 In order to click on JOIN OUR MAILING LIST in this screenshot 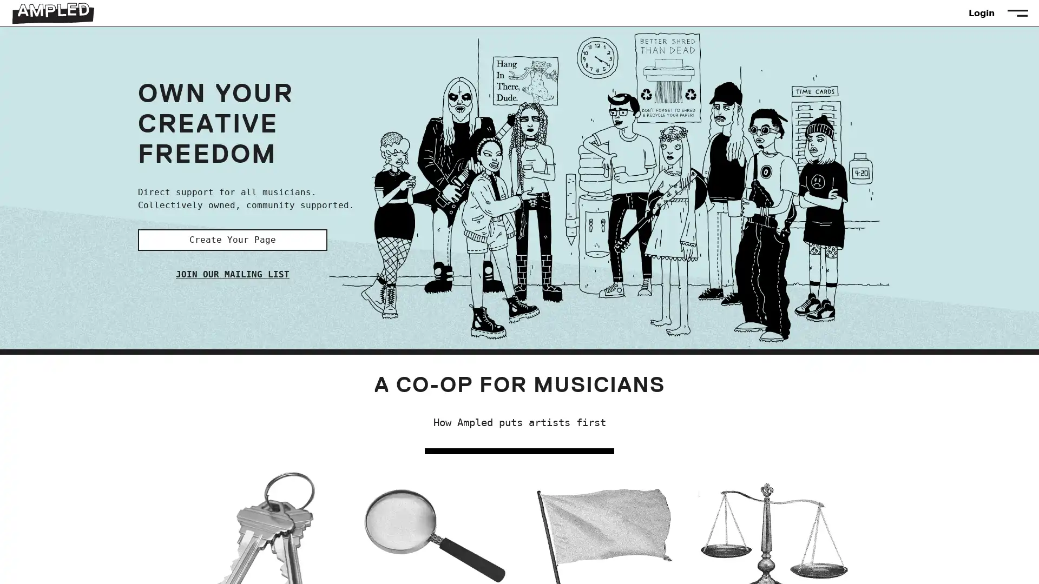, I will do `click(232, 274)`.